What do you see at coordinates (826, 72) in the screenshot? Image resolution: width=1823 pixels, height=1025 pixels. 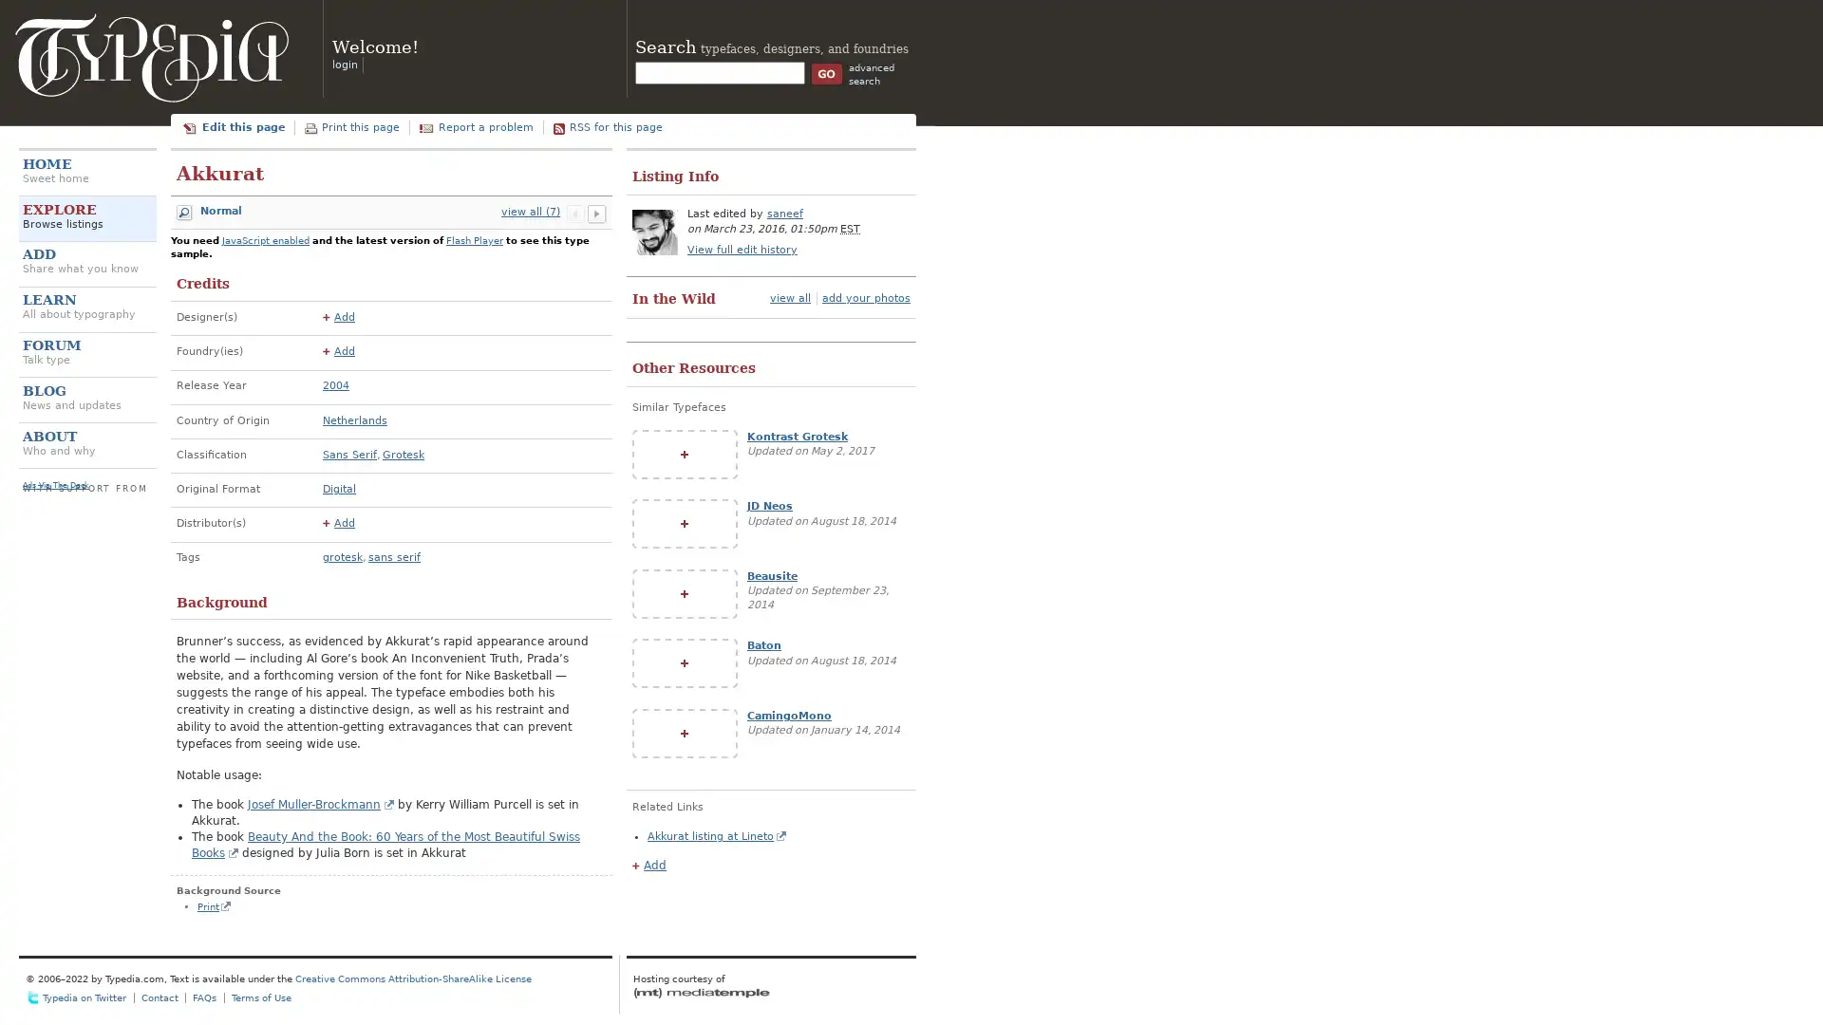 I see `Go` at bounding box center [826, 72].